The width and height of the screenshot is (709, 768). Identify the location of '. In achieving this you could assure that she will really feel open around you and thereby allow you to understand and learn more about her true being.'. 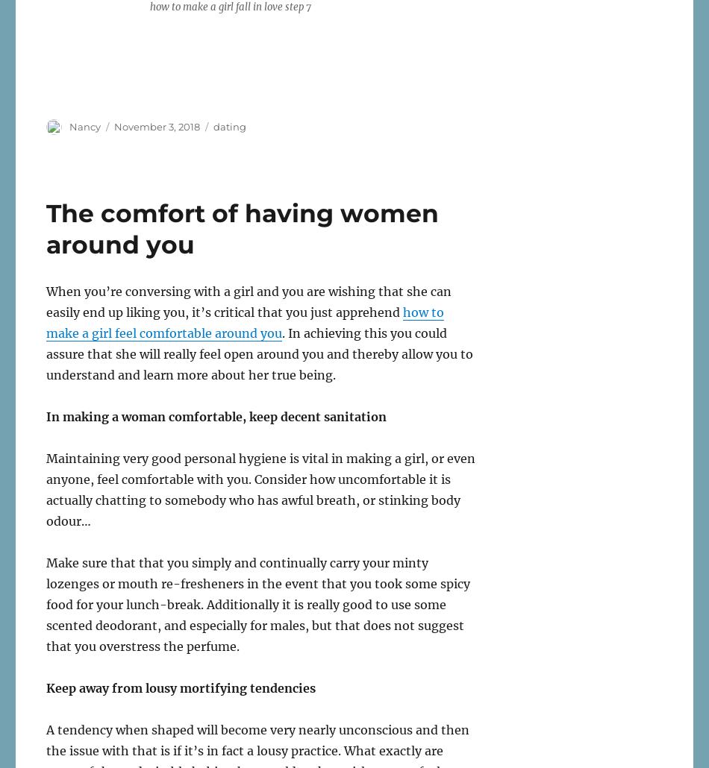
(258, 353).